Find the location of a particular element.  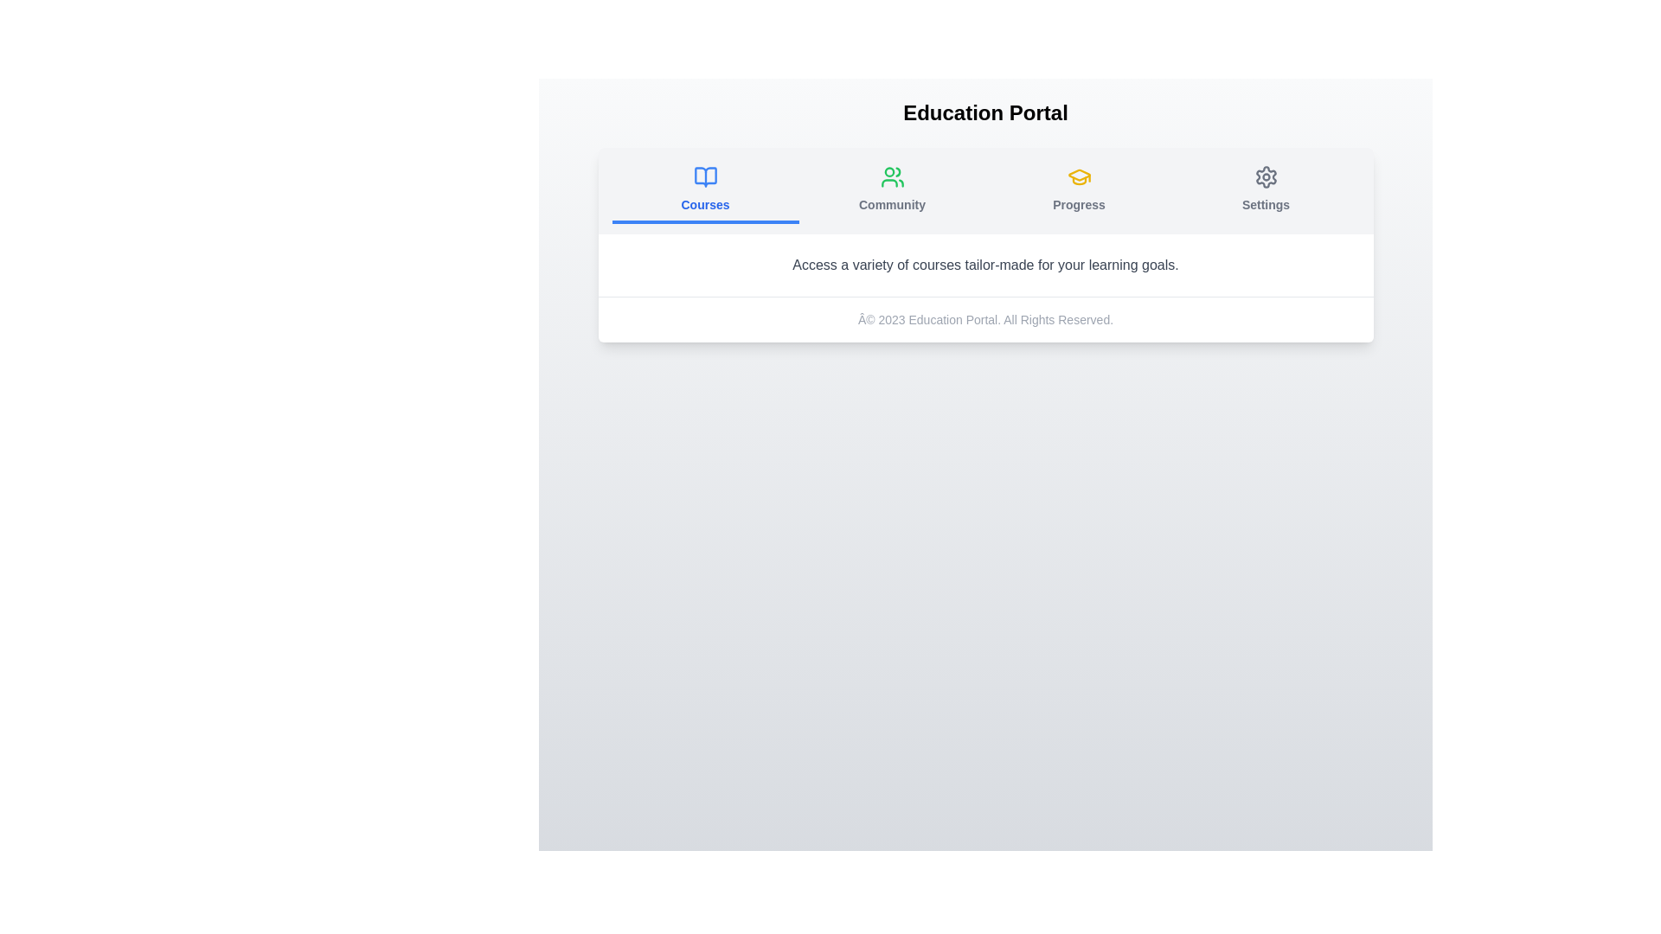

the 'Settings' label in the navigation bar, which is positioned rightmost below a gear icon and aligned with 'Courses,' 'Community,' and 'Progress.' is located at coordinates (1266, 203).